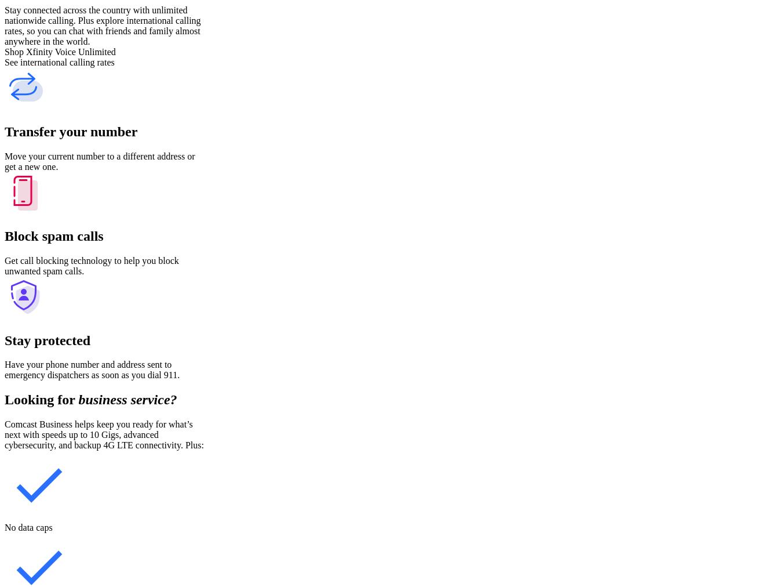  I want to click on 'Stay protected', so click(4, 339).